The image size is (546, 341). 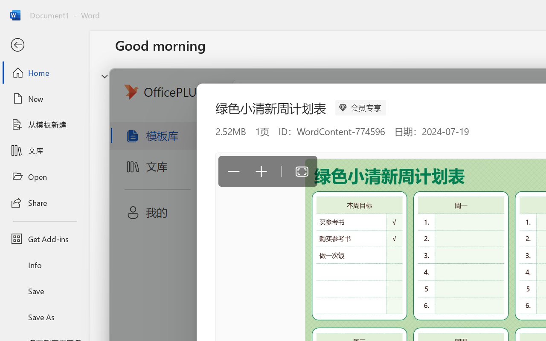 I want to click on 'Info', so click(x=44, y=265).